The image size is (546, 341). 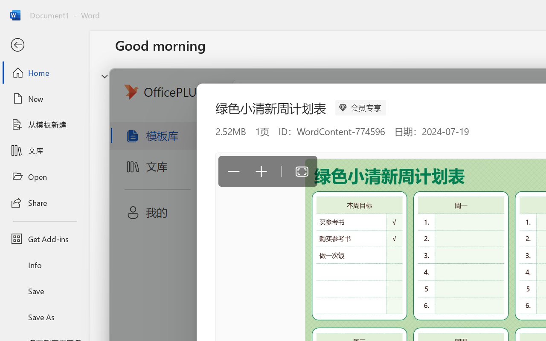 I want to click on 'Info', so click(x=44, y=265).